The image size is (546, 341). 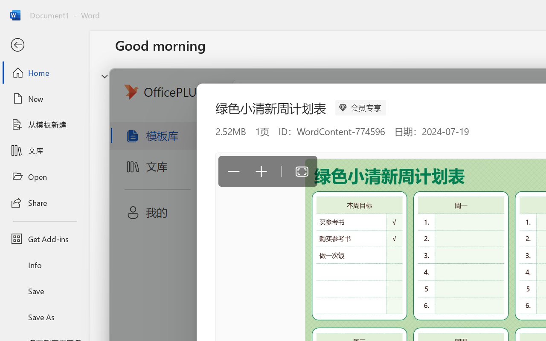 I want to click on 'Info', so click(x=44, y=265).